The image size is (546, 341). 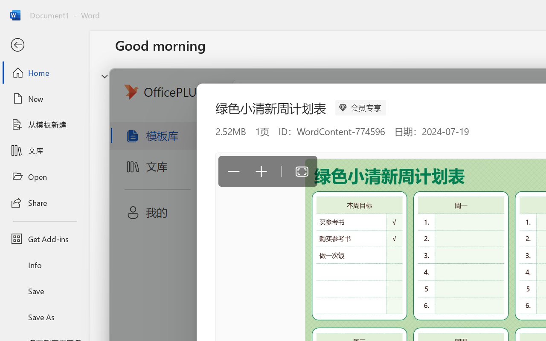 I want to click on 'Info', so click(x=44, y=265).